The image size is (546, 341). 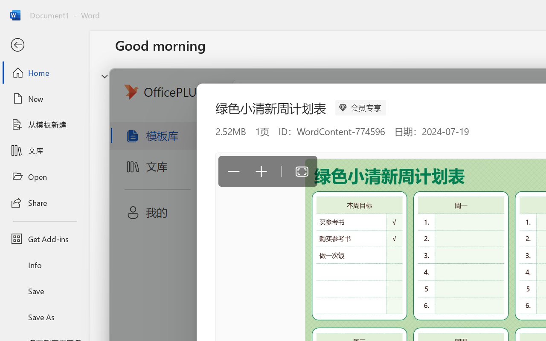 I want to click on 'Info', so click(x=44, y=265).